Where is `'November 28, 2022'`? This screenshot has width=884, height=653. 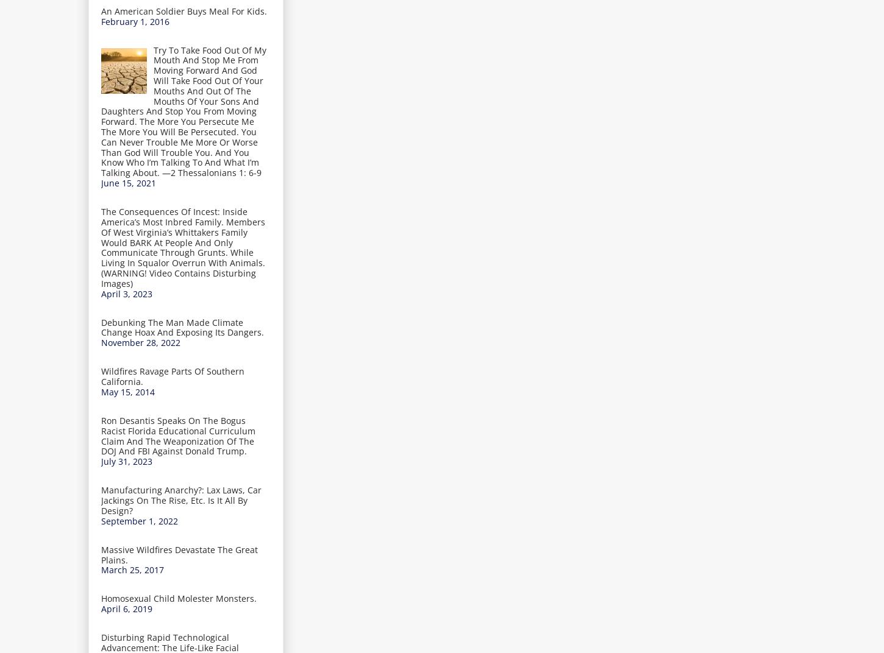
'November 28, 2022' is located at coordinates (140, 342).